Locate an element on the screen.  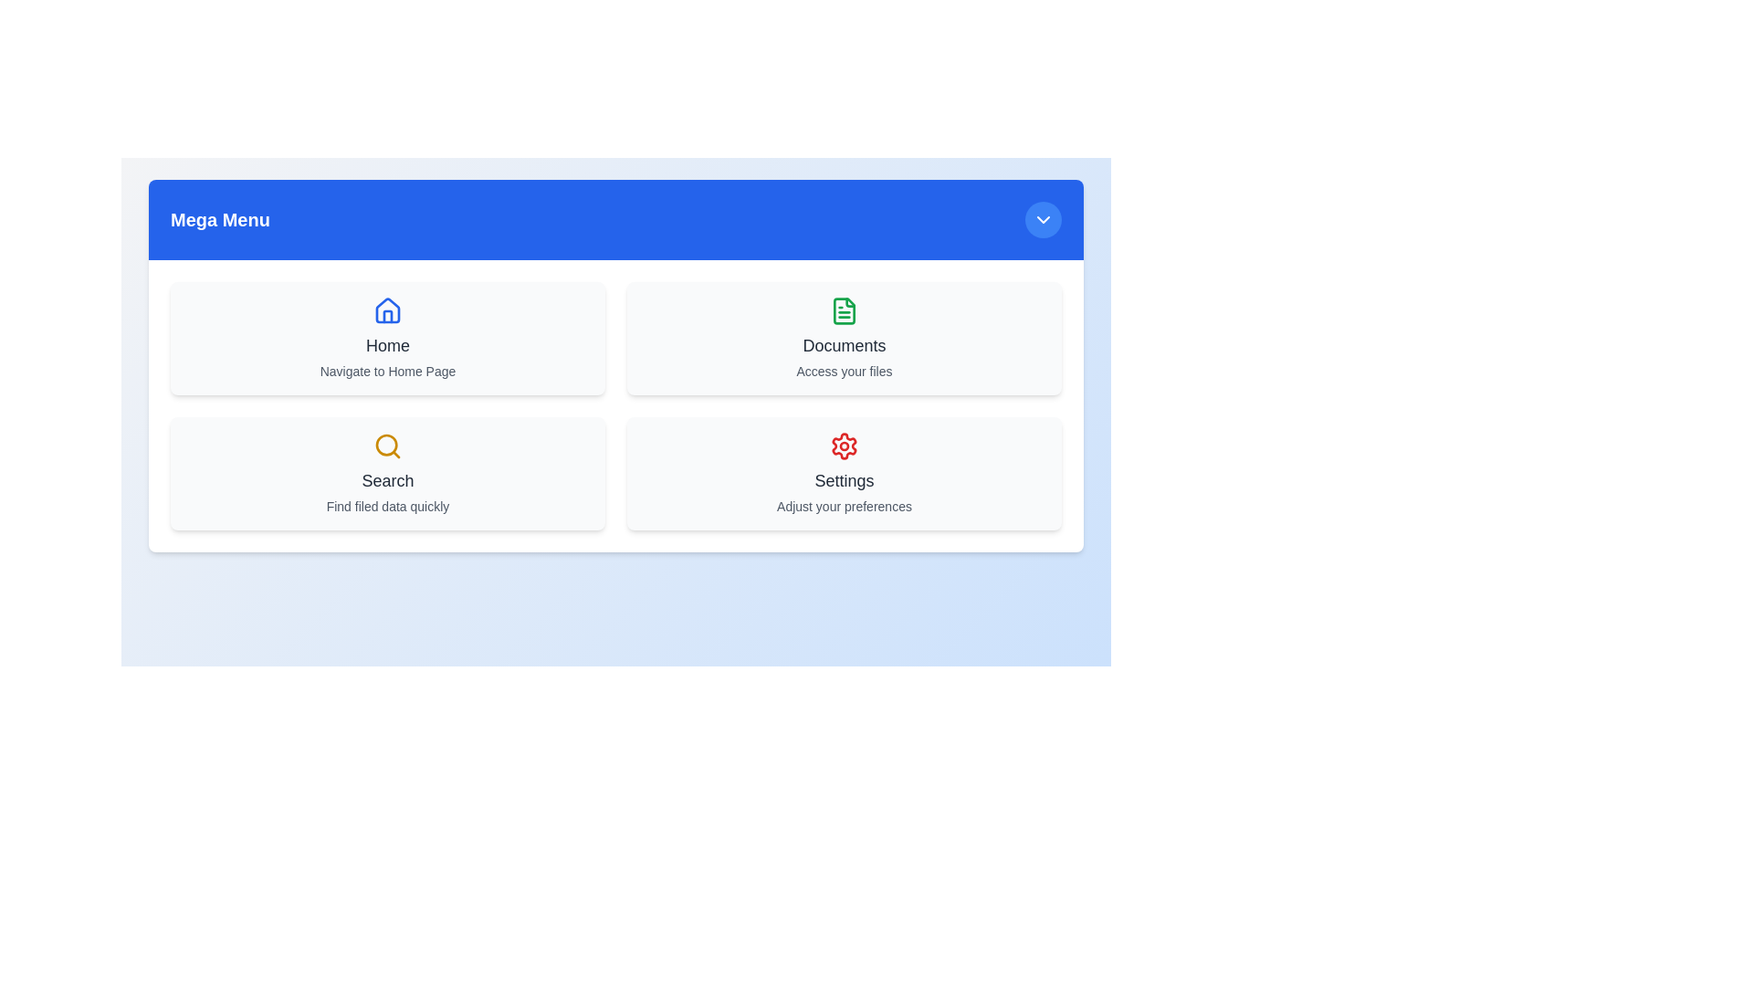
the 'Documents' card to access files is located at coordinates (844, 338).